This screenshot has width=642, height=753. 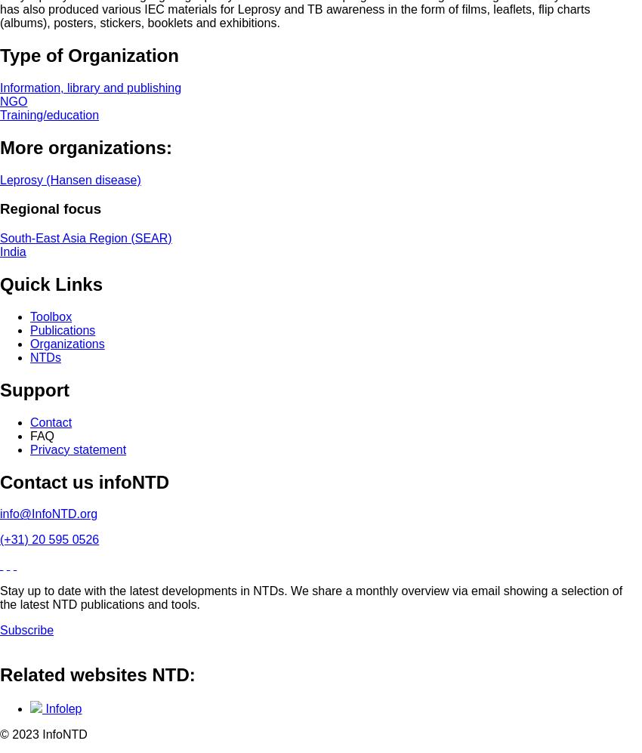 I want to click on 'Subscribe', so click(x=26, y=630).